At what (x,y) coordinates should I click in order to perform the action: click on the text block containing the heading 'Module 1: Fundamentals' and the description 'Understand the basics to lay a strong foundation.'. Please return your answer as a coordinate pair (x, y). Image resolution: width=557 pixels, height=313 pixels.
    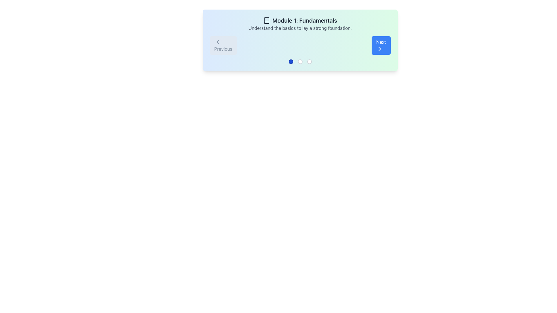
    Looking at the image, I should click on (300, 24).